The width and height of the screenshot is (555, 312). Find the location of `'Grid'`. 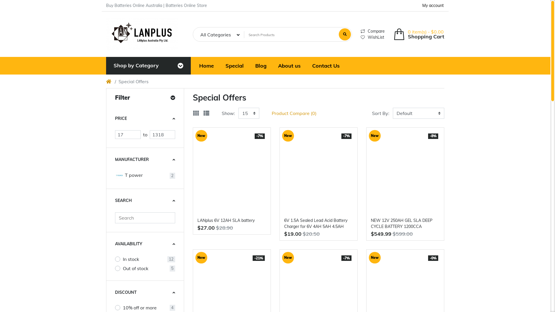

'Grid' is located at coordinates (196, 113).